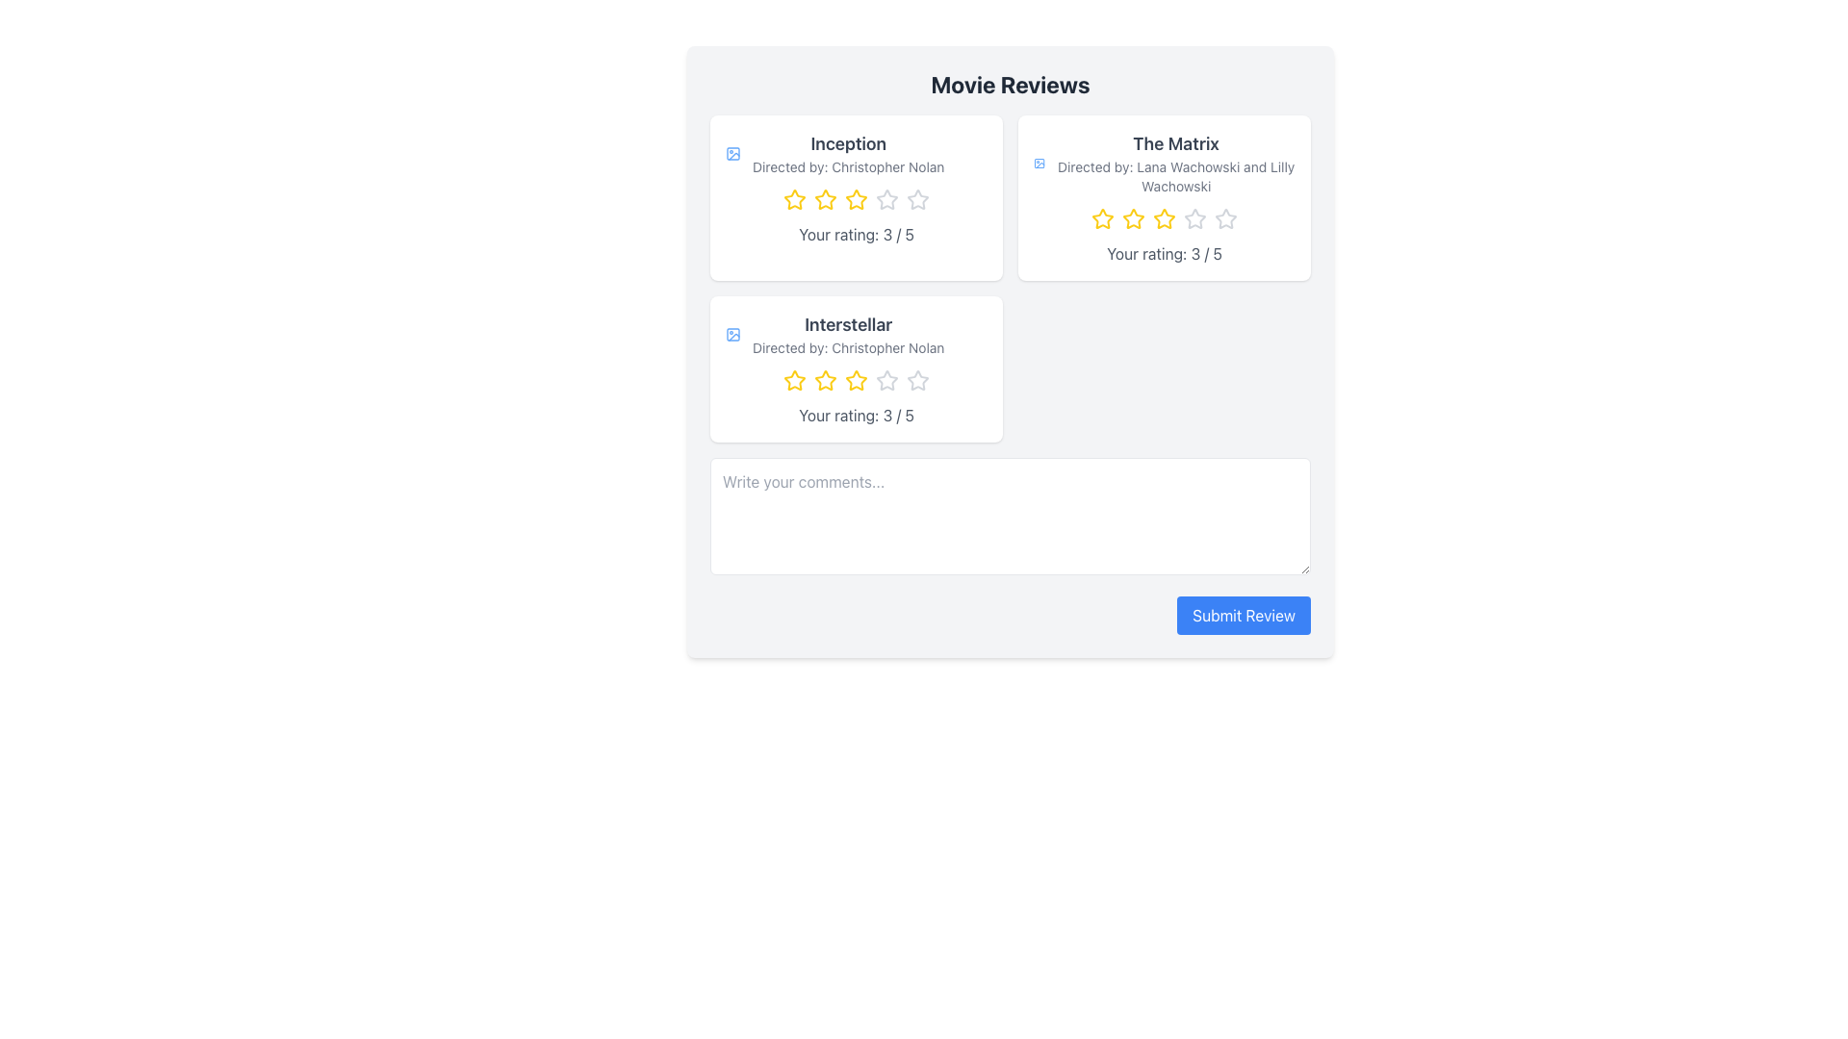 The image size is (1848, 1039). What do you see at coordinates (1163, 162) in the screenshot?
I see `the text display element that shows the title and director information of the movie 'The Matrix', located in the top-right corner of the 'Movie Reviews' section, specifically in the second card in the row` at bounding box center [1163, 162].